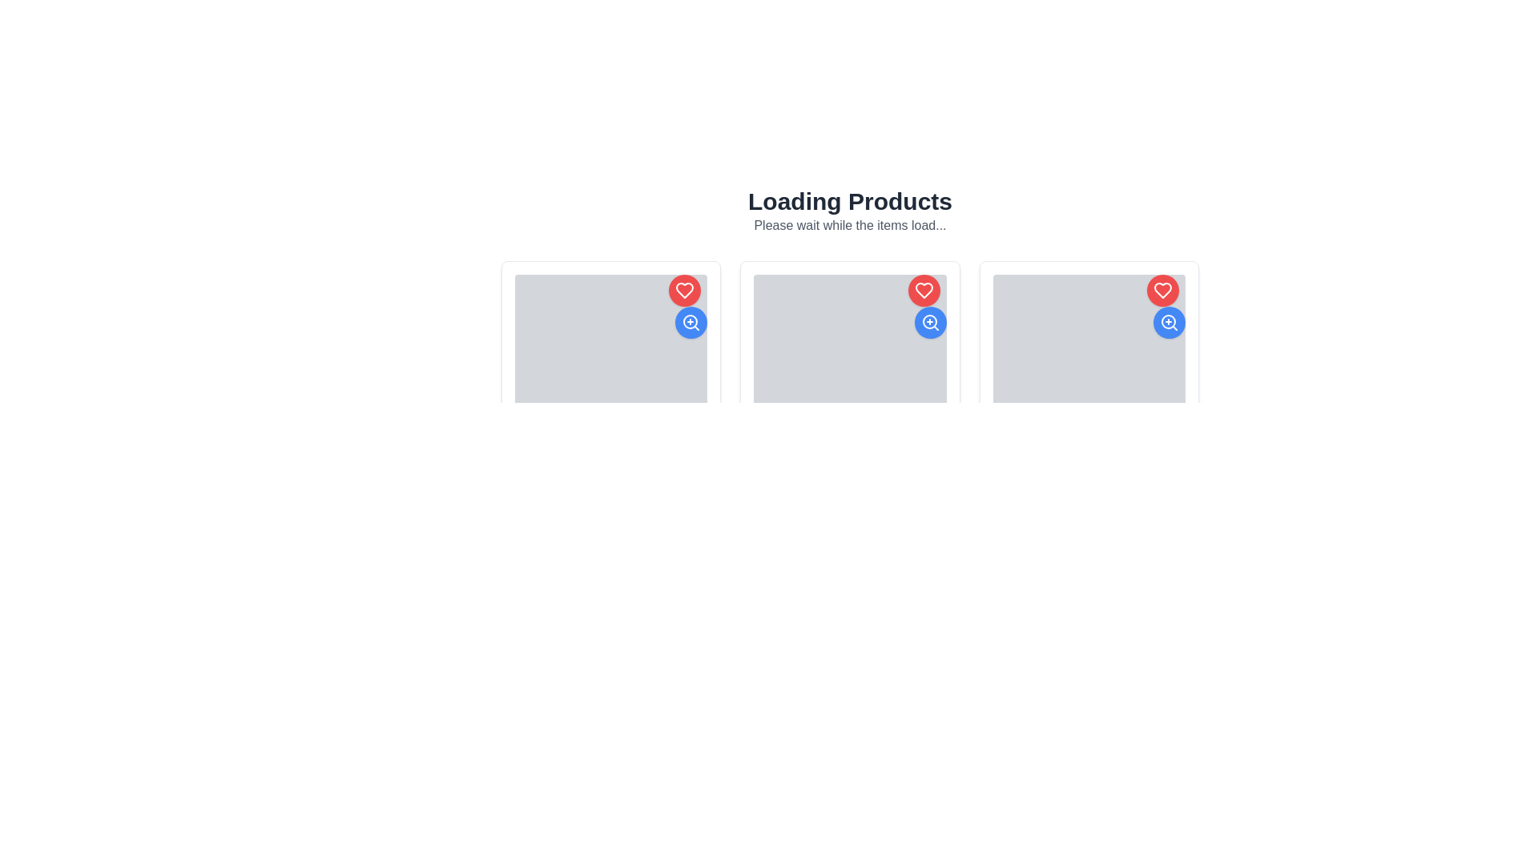 The image size is (1538, 865). I want to click on the circular blue zoom-in button with a magnifying glass and a plus sign, located directly below the red heart icon in the top-right corner of the white rectangular card, so click(688, 306).